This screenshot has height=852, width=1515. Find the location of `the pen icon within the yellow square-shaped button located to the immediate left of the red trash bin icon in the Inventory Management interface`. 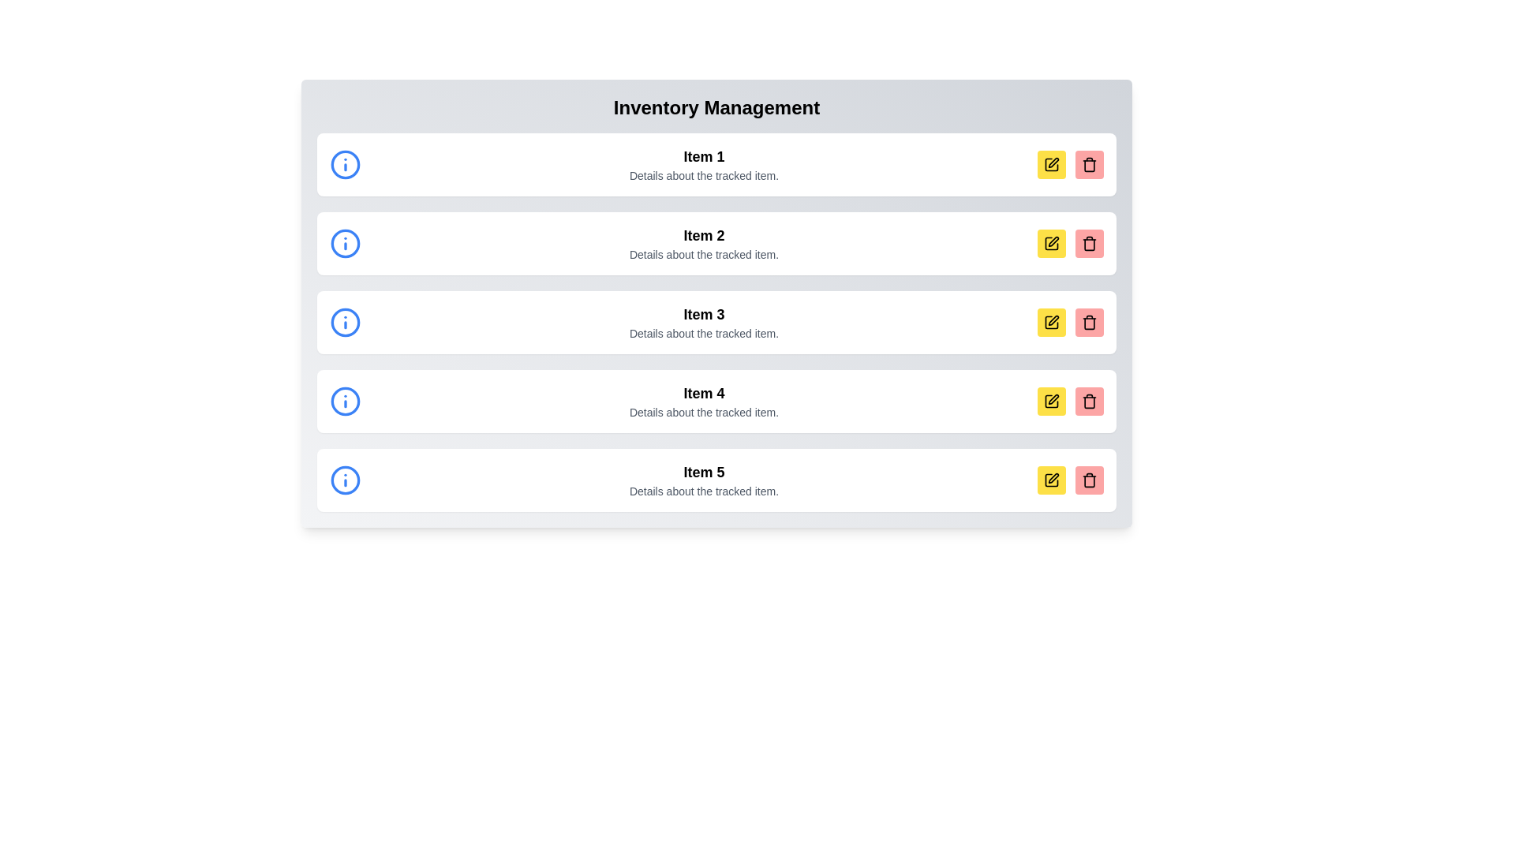

the pen icon within the yellow square-shaped button located to the immediate left of the red trash bin icon in the Inventory Management interface is located at coordinates (1053, 162).